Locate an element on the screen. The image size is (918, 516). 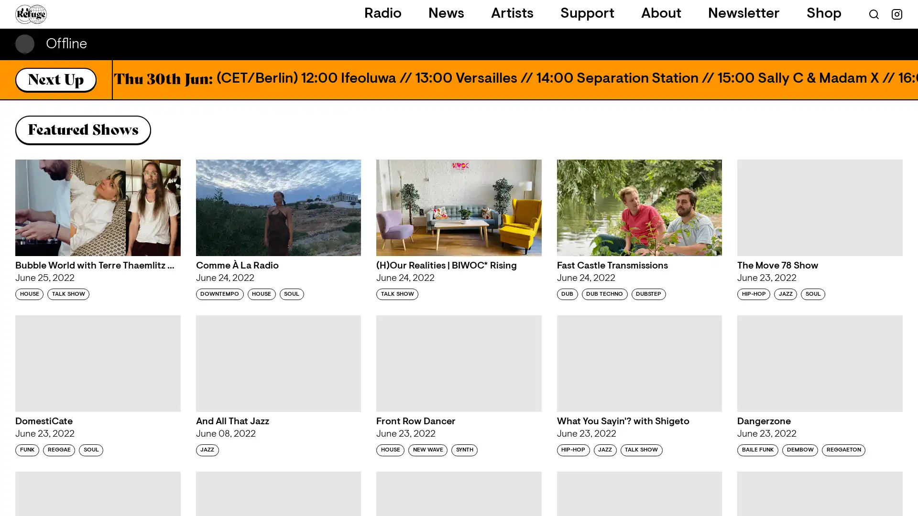
And All That Jazz is located at coordinates (277, 363).